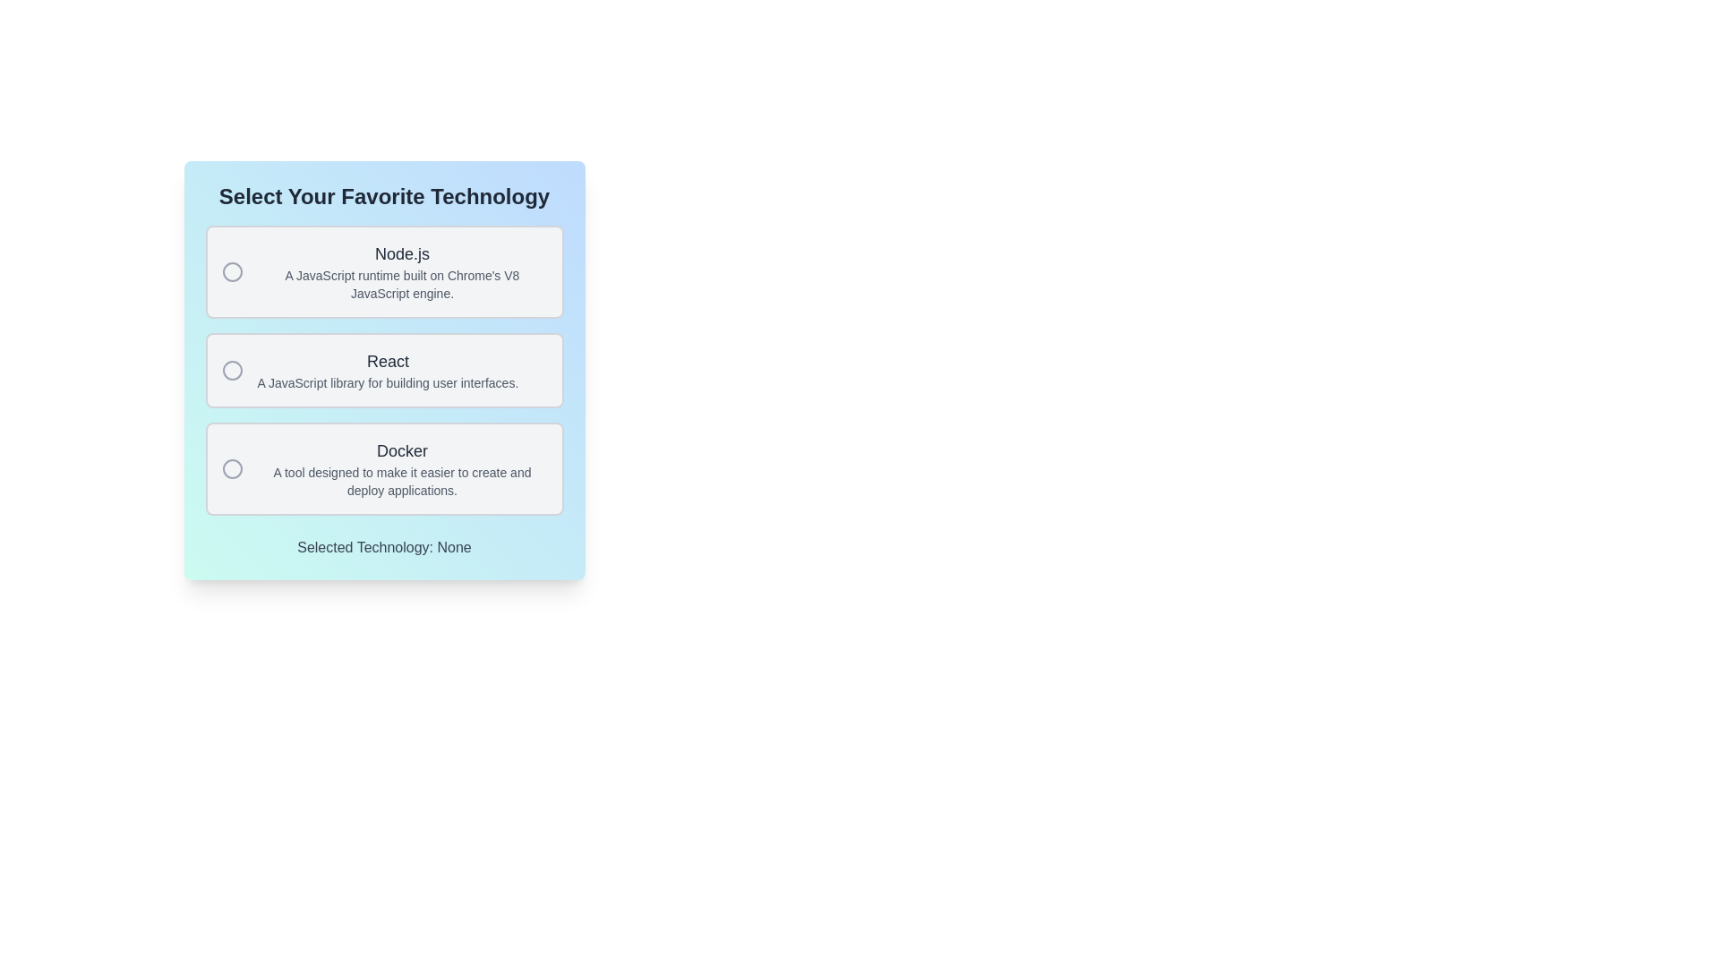 This screenshot has height=967, width=1719. What do you see at coordinates (231, 272) in the screenshot?
I see `the circular selection indicator for the 'Node.js' option, which is located in the left region of the first row in a vertical list layout` at bounding box center [231, 272].